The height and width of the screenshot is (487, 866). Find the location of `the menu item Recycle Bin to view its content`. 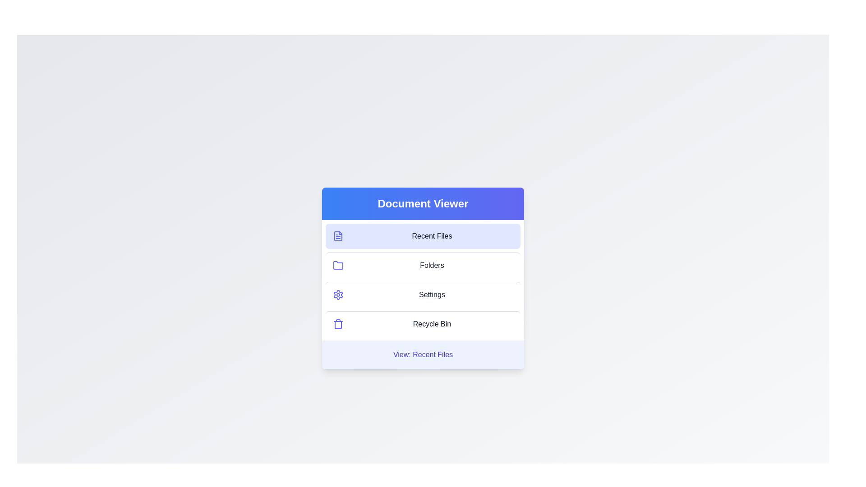

the menu item Recycle Bin to view its content is located at coordinates (422, 323).